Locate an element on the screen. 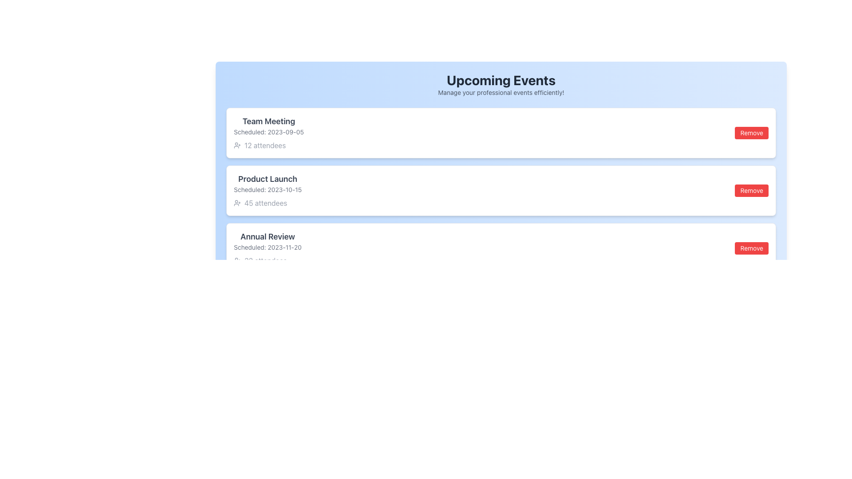 The height and width of the screenshot is (479, 852). text content of the Text Block titled 'Team Meeting', which includes the date 'Scheduled: 2023-09-05' and the note about '12 attendees' is located at coordinates (268, 133).